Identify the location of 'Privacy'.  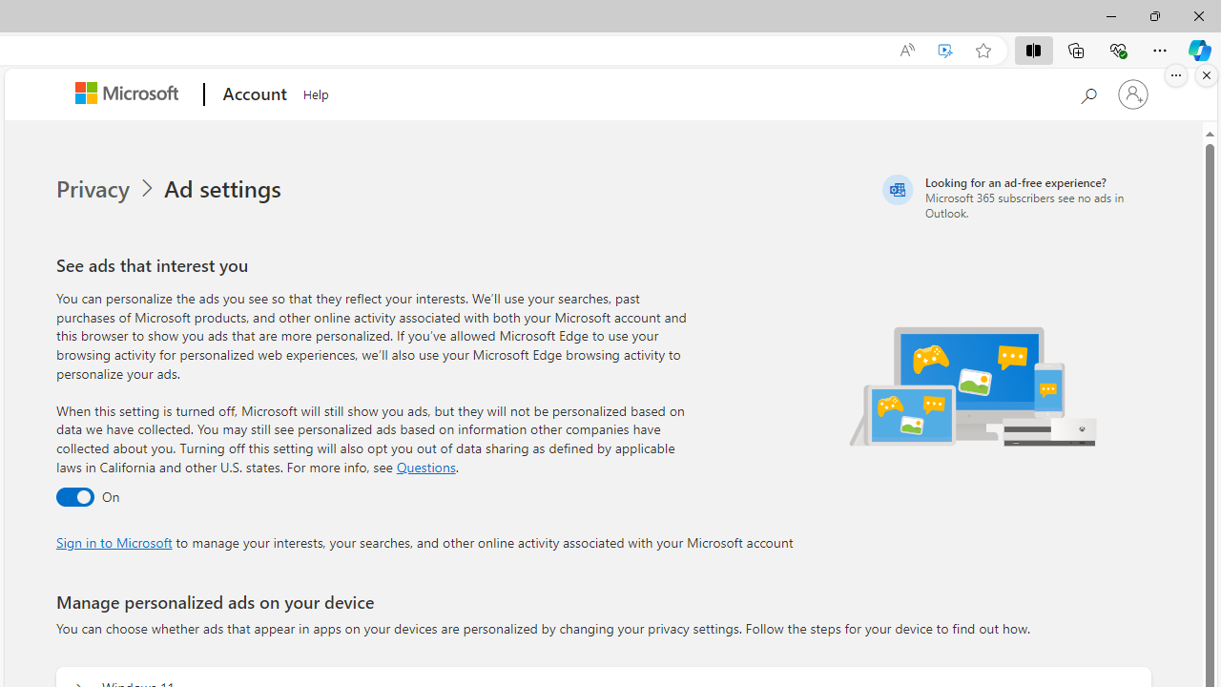
(107, 189).